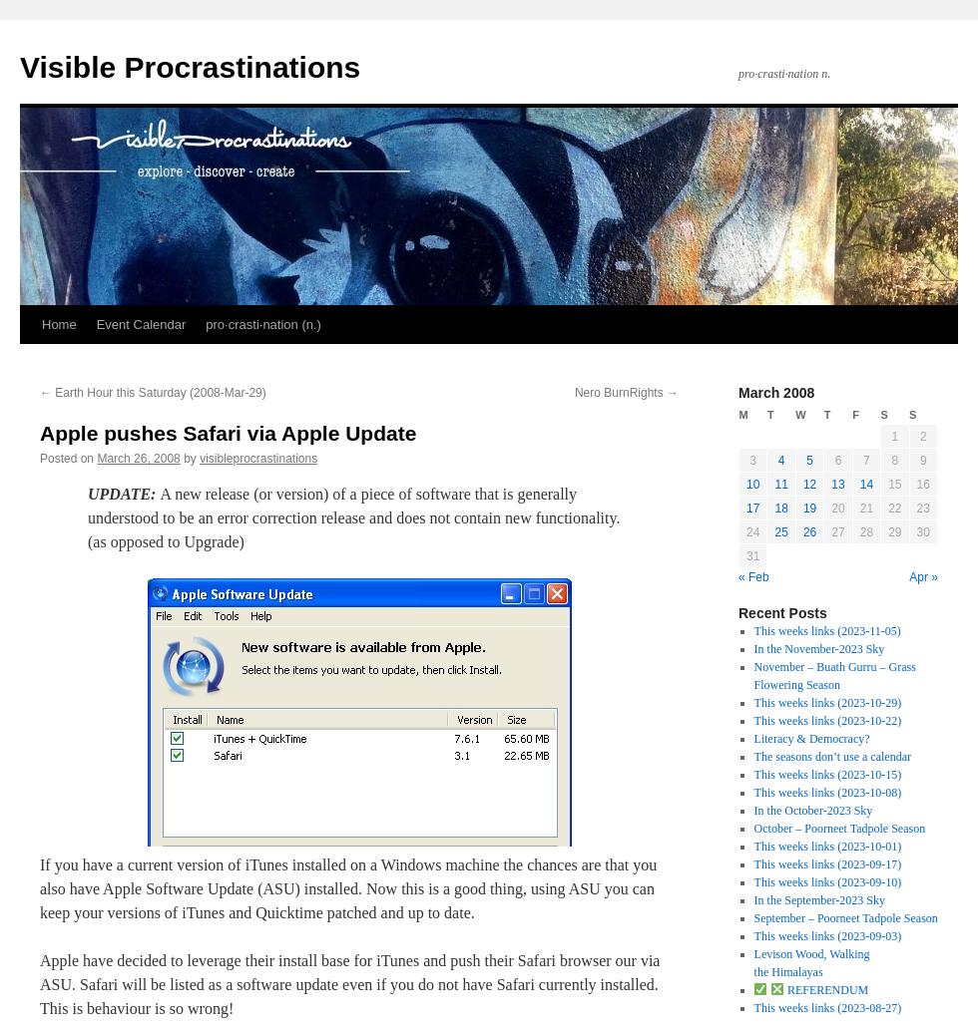 The height and width of the screenshot is (1026, 978). I want to click on '4', so click(780, 461).